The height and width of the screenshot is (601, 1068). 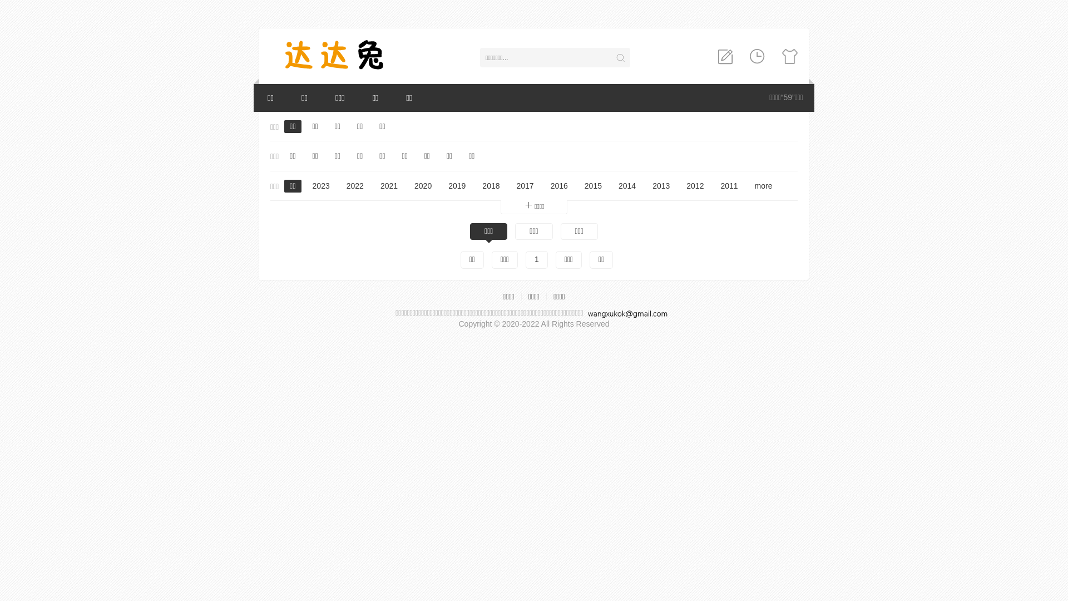 What do you see at coordinates (763, 186) in the screenshot?
I see `'more'` at bounding box center [763, 186].